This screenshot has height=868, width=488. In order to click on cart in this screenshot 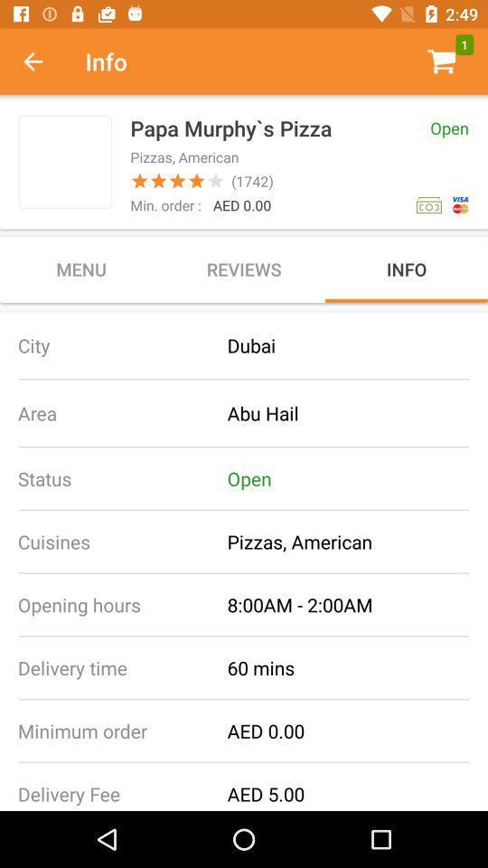, I will do `click(440, 61)`.